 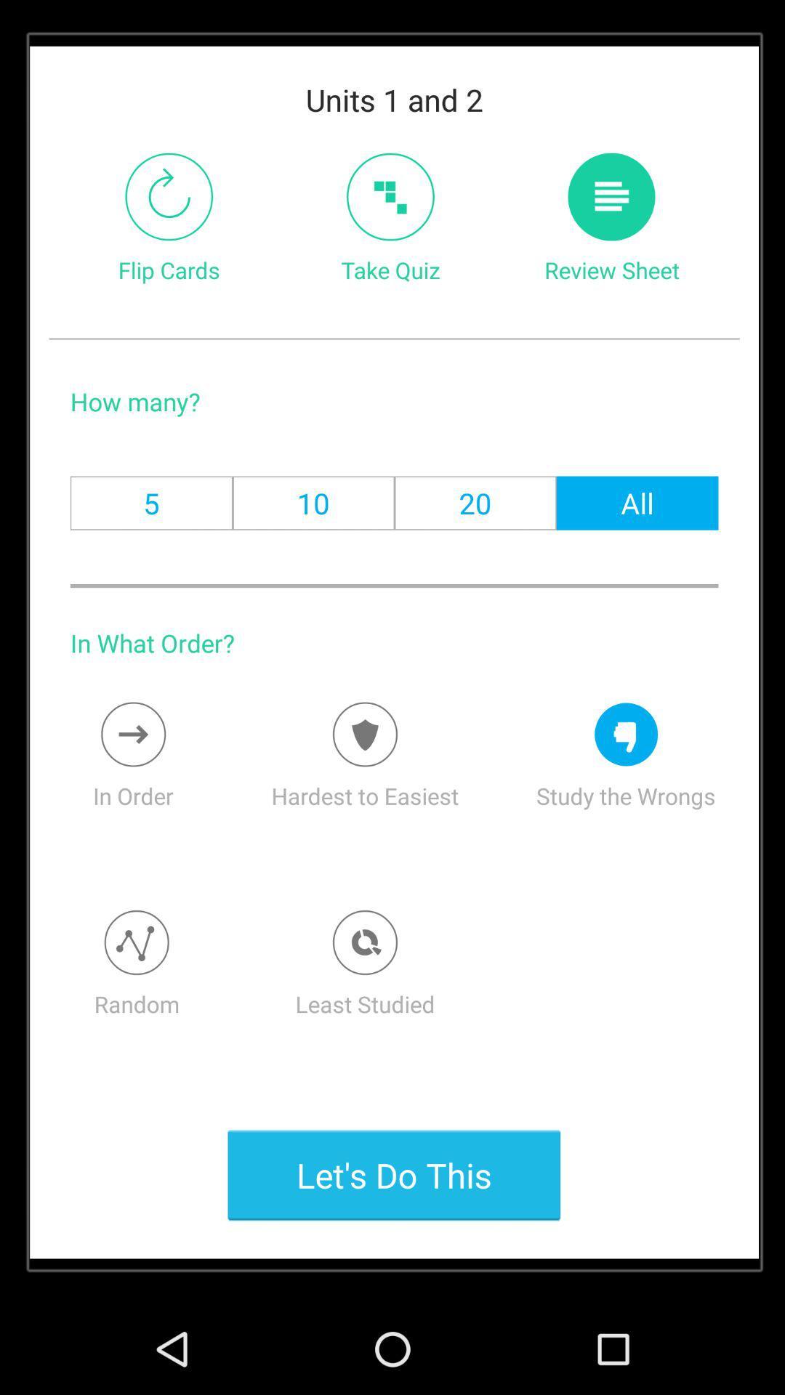 I want to click on opens the review sheet tab, so click(x=611, y=196).